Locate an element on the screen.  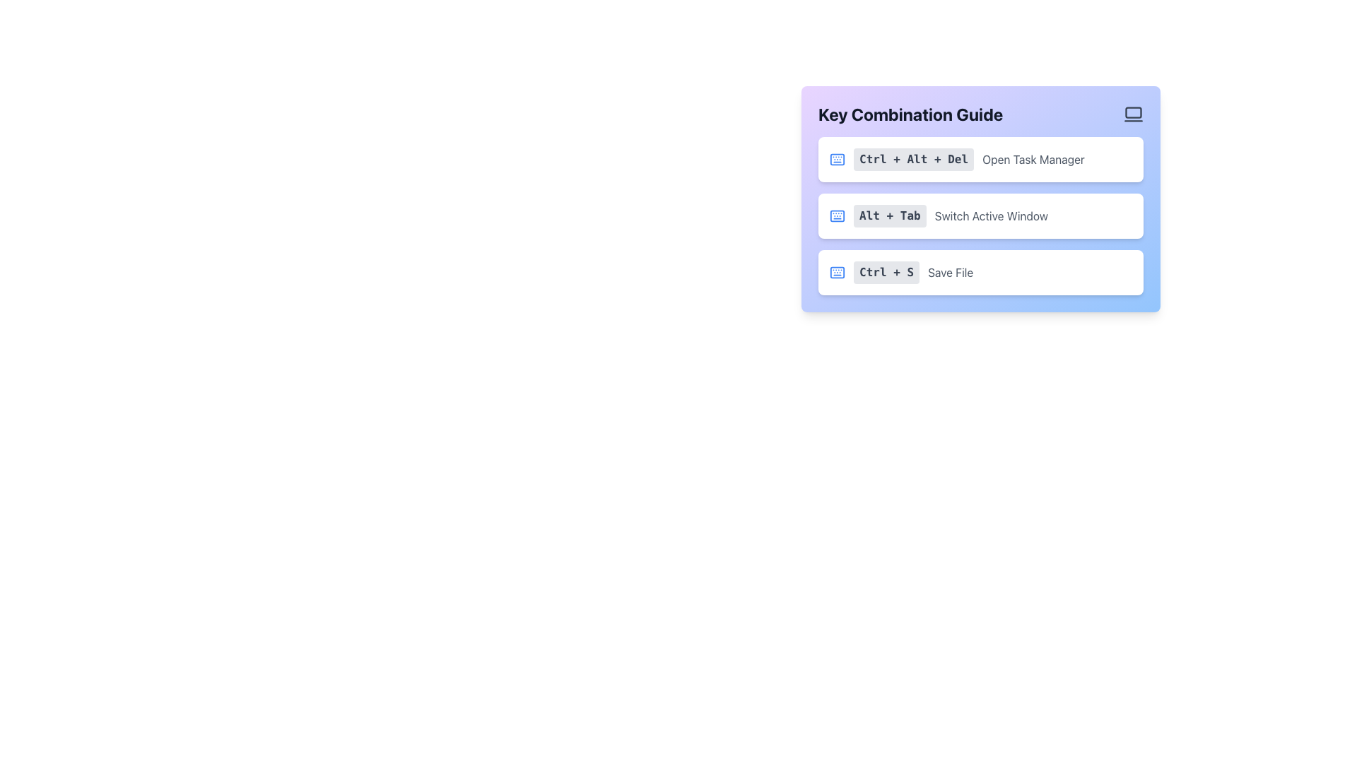
the static display Label showing the keyboard shortcut 'Ctrl + Alt + Del', located at the top-left corner of the 'Key Combination Guide' box is located at coordinates (914, 159).